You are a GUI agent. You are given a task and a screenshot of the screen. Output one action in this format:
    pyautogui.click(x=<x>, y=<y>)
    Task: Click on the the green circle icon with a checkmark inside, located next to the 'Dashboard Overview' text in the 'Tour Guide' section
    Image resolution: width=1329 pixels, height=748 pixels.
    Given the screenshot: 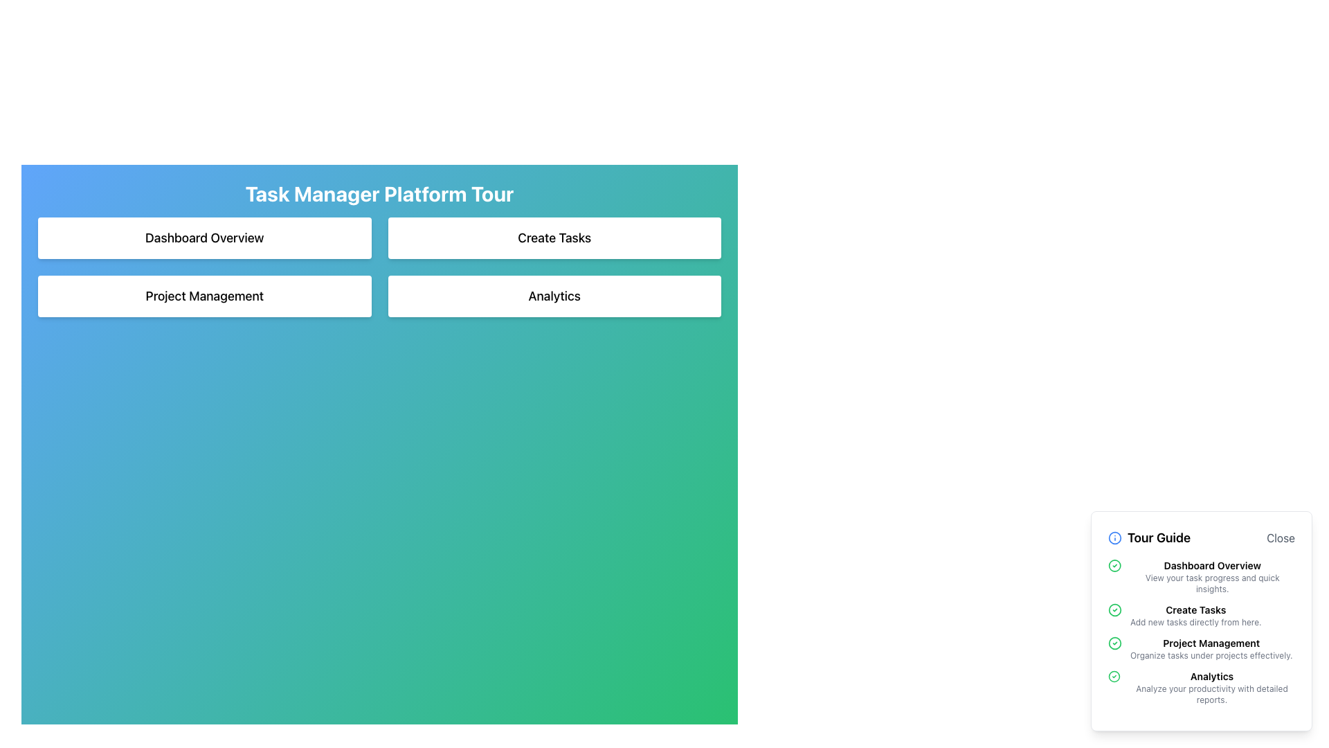 What is the action you would take?
    pyautogui.click(x=1114, y=566)
    